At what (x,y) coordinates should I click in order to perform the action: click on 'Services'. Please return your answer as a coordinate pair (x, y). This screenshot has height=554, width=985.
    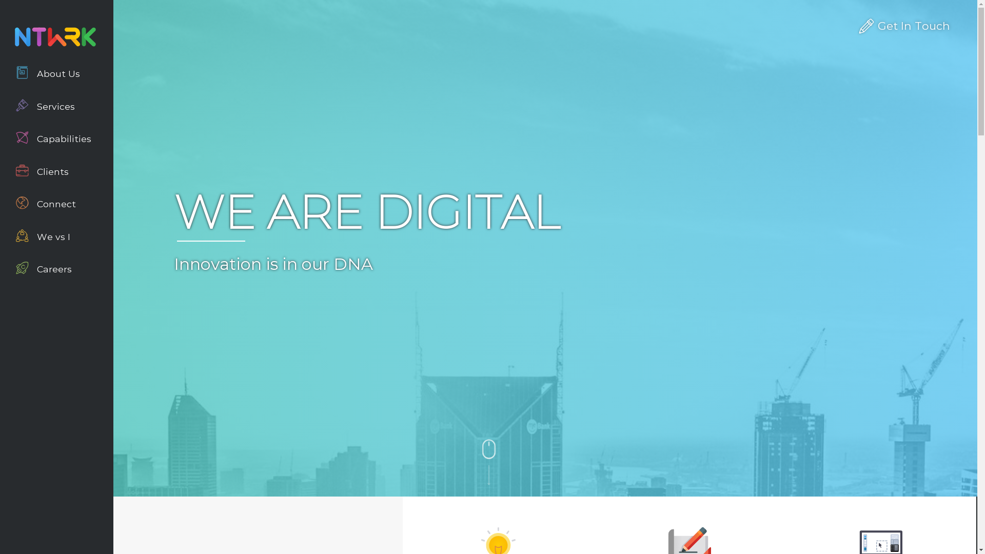
    Looking at the image, I should click on (56, 106).